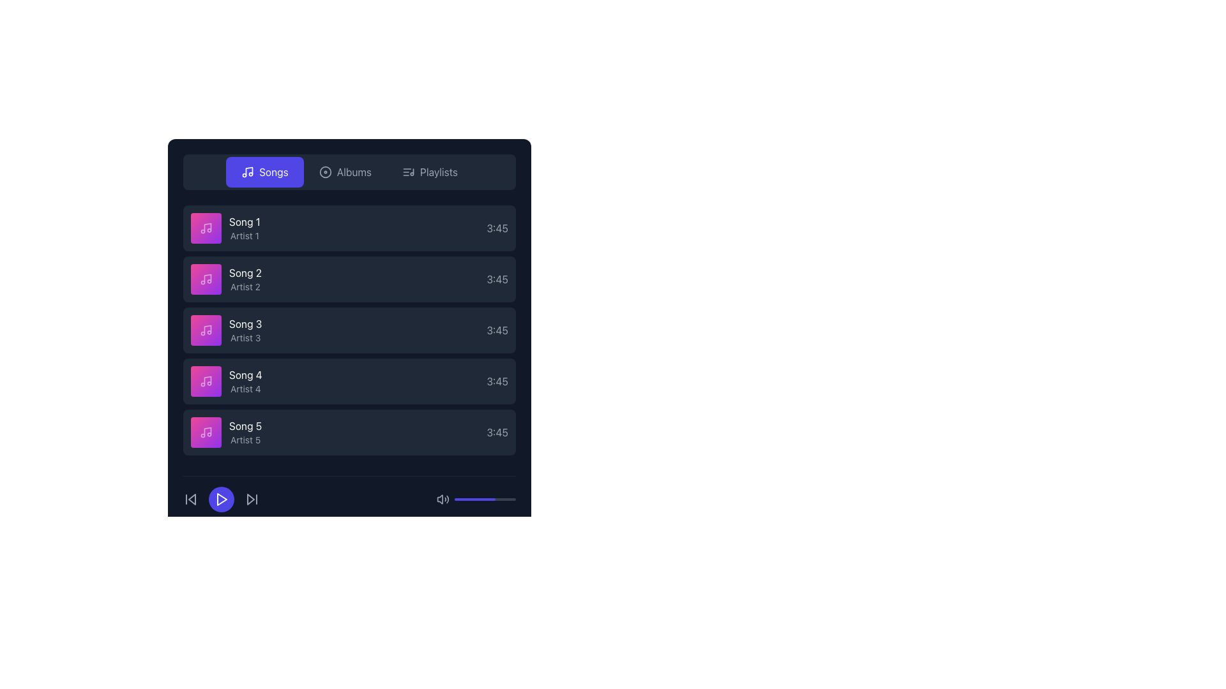  Describe the element at coordinates (497, 228) in the screenshot. I see `text label displaying '3:45' which indicates the song duration, located in the top-right section of the first item in a list of entries` at that location.